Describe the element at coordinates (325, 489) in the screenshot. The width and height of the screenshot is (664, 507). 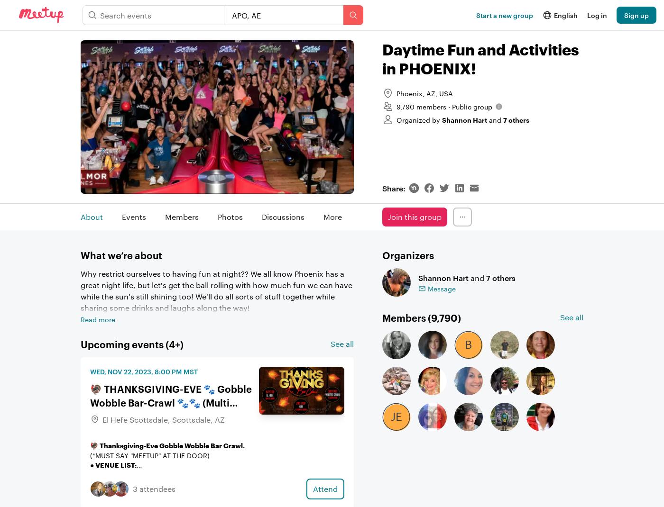
I see `'Attend'` at that location.